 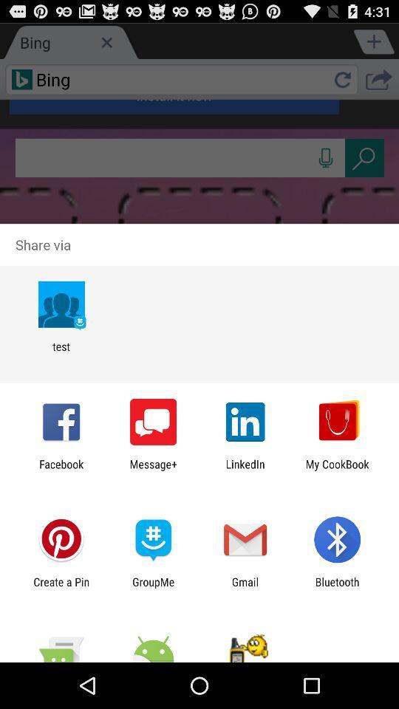 I want to click on the app to the right of the groupme icon, so click(x=245, y=588).